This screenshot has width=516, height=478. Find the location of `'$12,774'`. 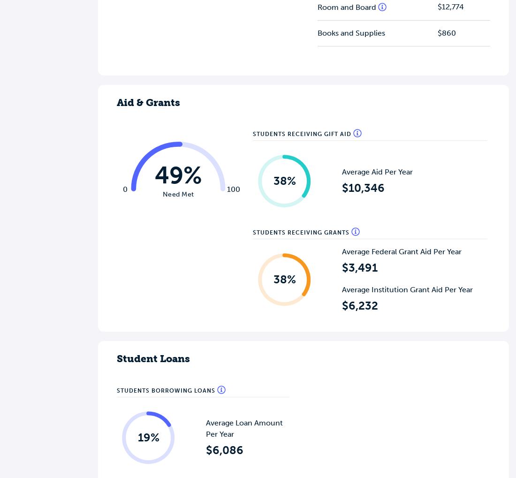

'$12,774' is located at coordinates (450, 6).